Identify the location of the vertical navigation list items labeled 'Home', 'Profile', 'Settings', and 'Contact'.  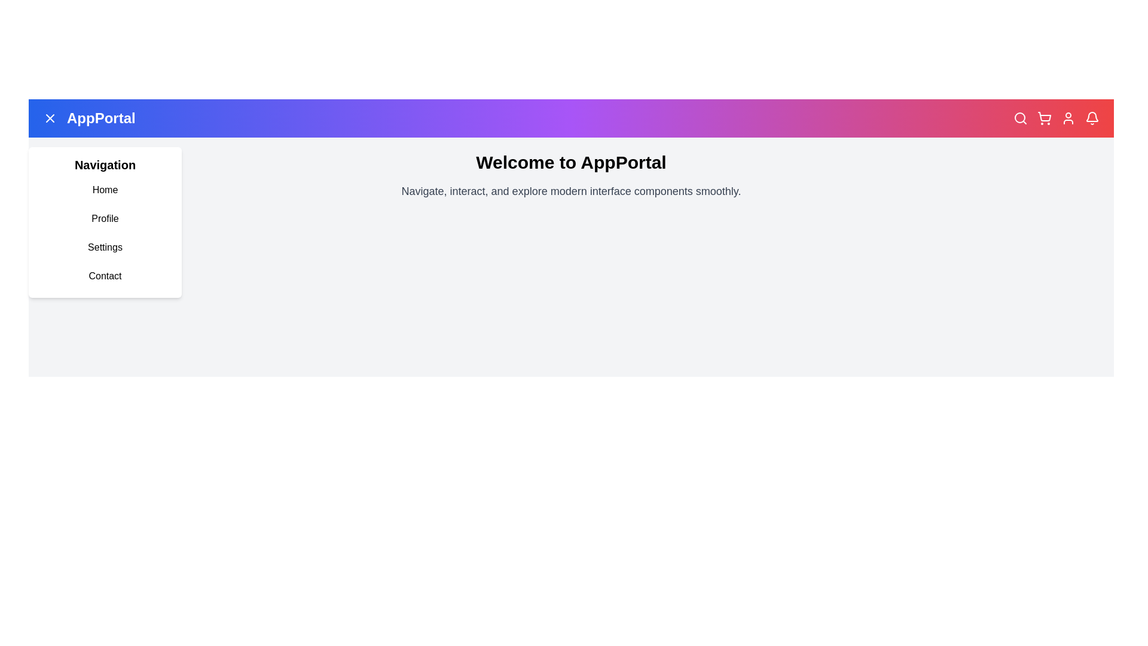
(105, 233).